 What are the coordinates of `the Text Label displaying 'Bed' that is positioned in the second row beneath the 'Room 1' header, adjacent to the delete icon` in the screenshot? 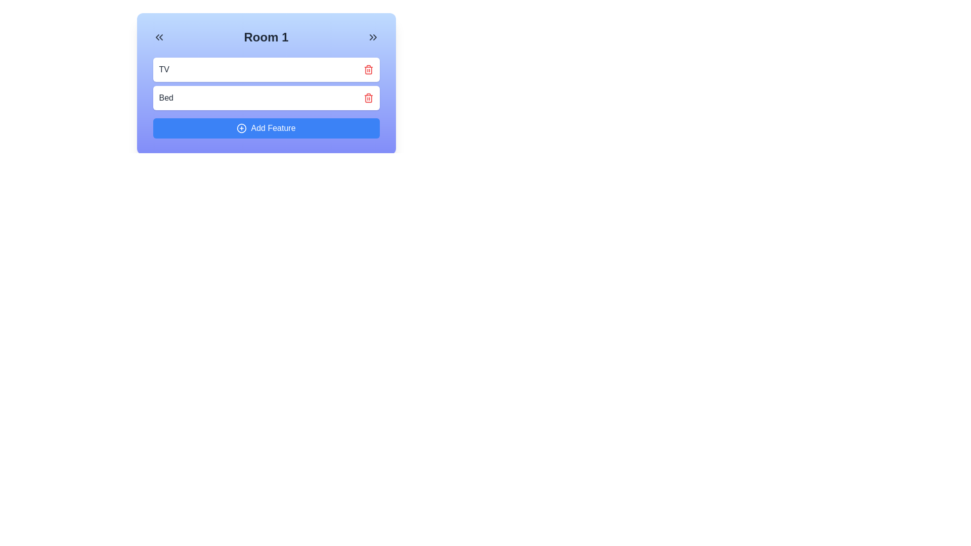 It's located at (166, 98).